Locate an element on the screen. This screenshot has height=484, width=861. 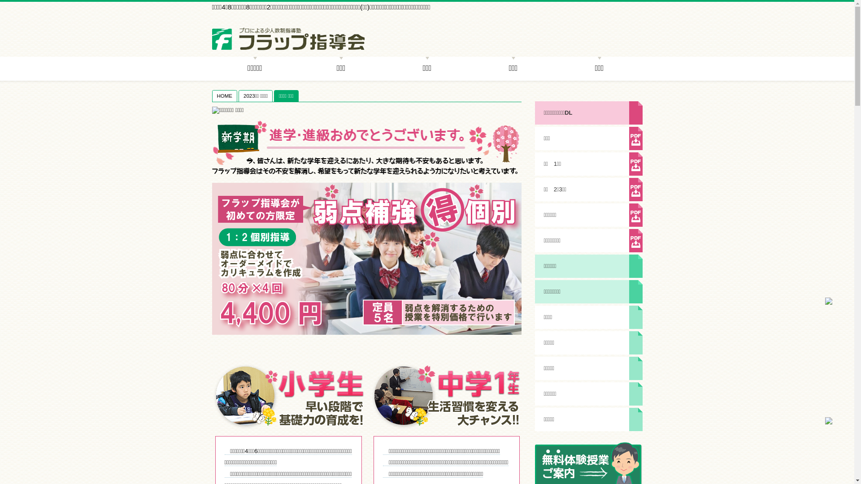
'HOME' is located at coordinates (225, 95).